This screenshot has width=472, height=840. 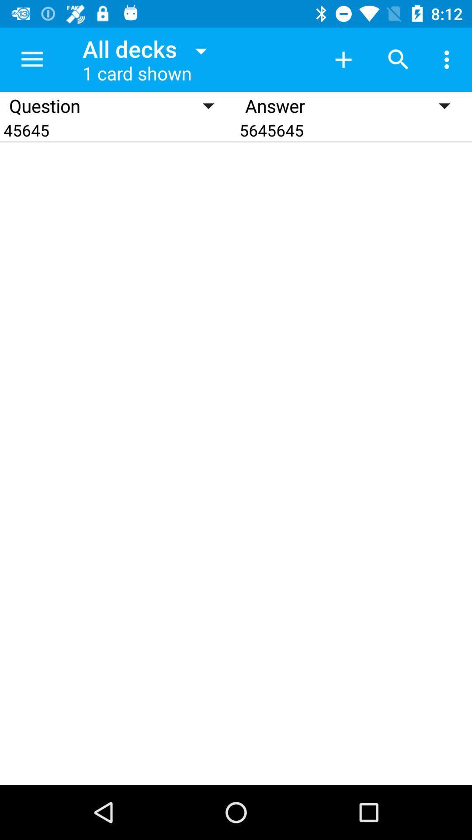 I want to click on icon below the answer, so click(x=354, y=129).